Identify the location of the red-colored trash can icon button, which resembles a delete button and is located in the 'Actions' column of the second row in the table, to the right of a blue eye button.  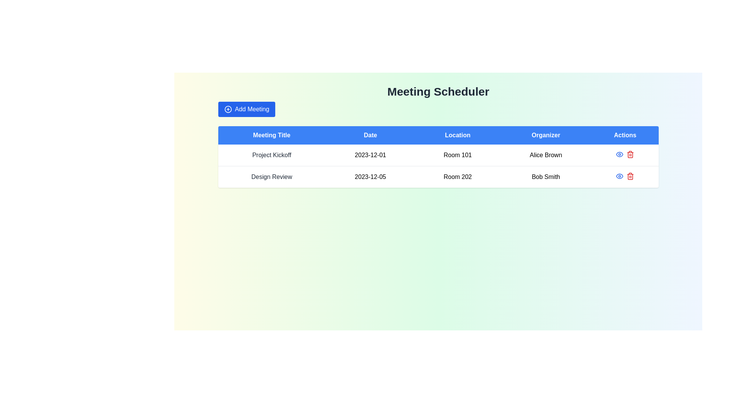
(630, 154).